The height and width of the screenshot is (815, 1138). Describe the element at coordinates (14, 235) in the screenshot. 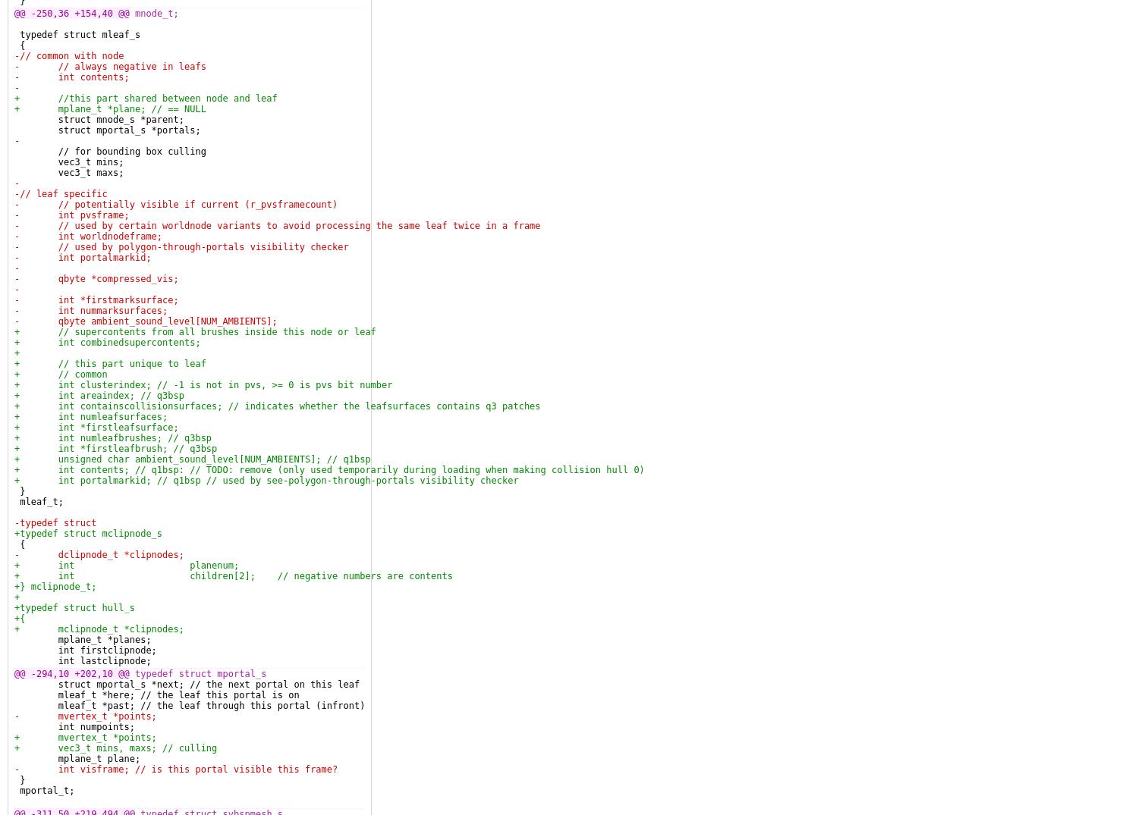

I see `'-       int worldnodeframe;'` at that location.